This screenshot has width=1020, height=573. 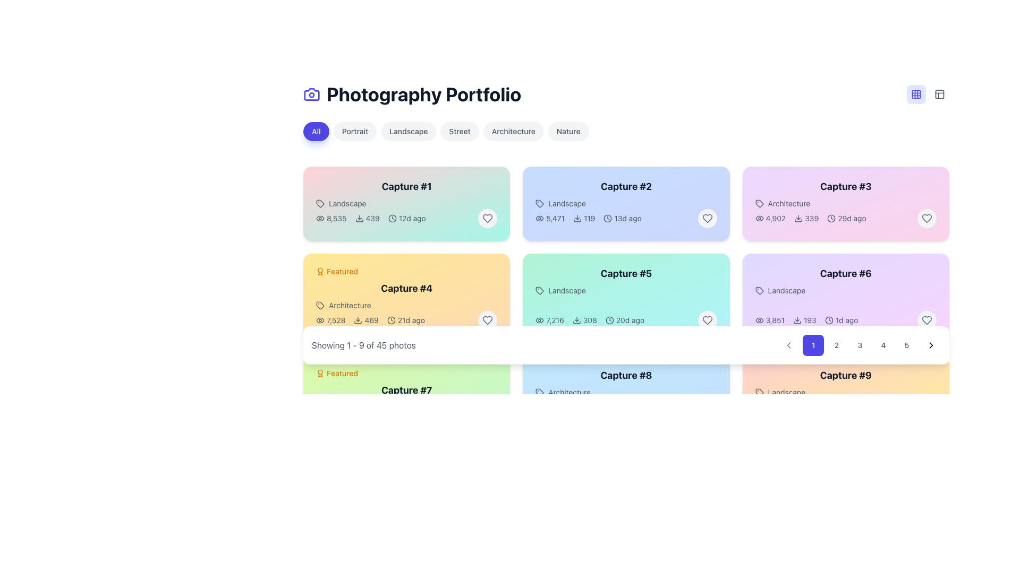 What do you see at coordinates (845, 280) in the screenshot?
I see `the text-based UI element that displays 'Capture #6' in a bold font and 'Landscape' in a smaller font, located in the sixth card of the layout grid` at bounding box center [845, 280].